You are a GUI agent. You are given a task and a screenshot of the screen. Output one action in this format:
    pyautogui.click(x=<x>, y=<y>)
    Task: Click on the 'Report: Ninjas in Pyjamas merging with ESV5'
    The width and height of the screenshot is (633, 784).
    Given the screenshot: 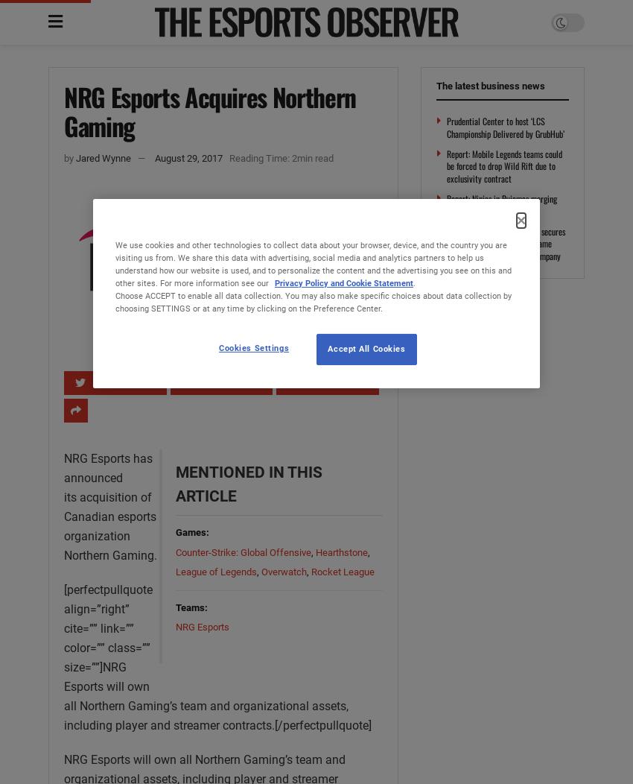 What is the action you would take?
    pyautogui.click(x=501, y=204)
    